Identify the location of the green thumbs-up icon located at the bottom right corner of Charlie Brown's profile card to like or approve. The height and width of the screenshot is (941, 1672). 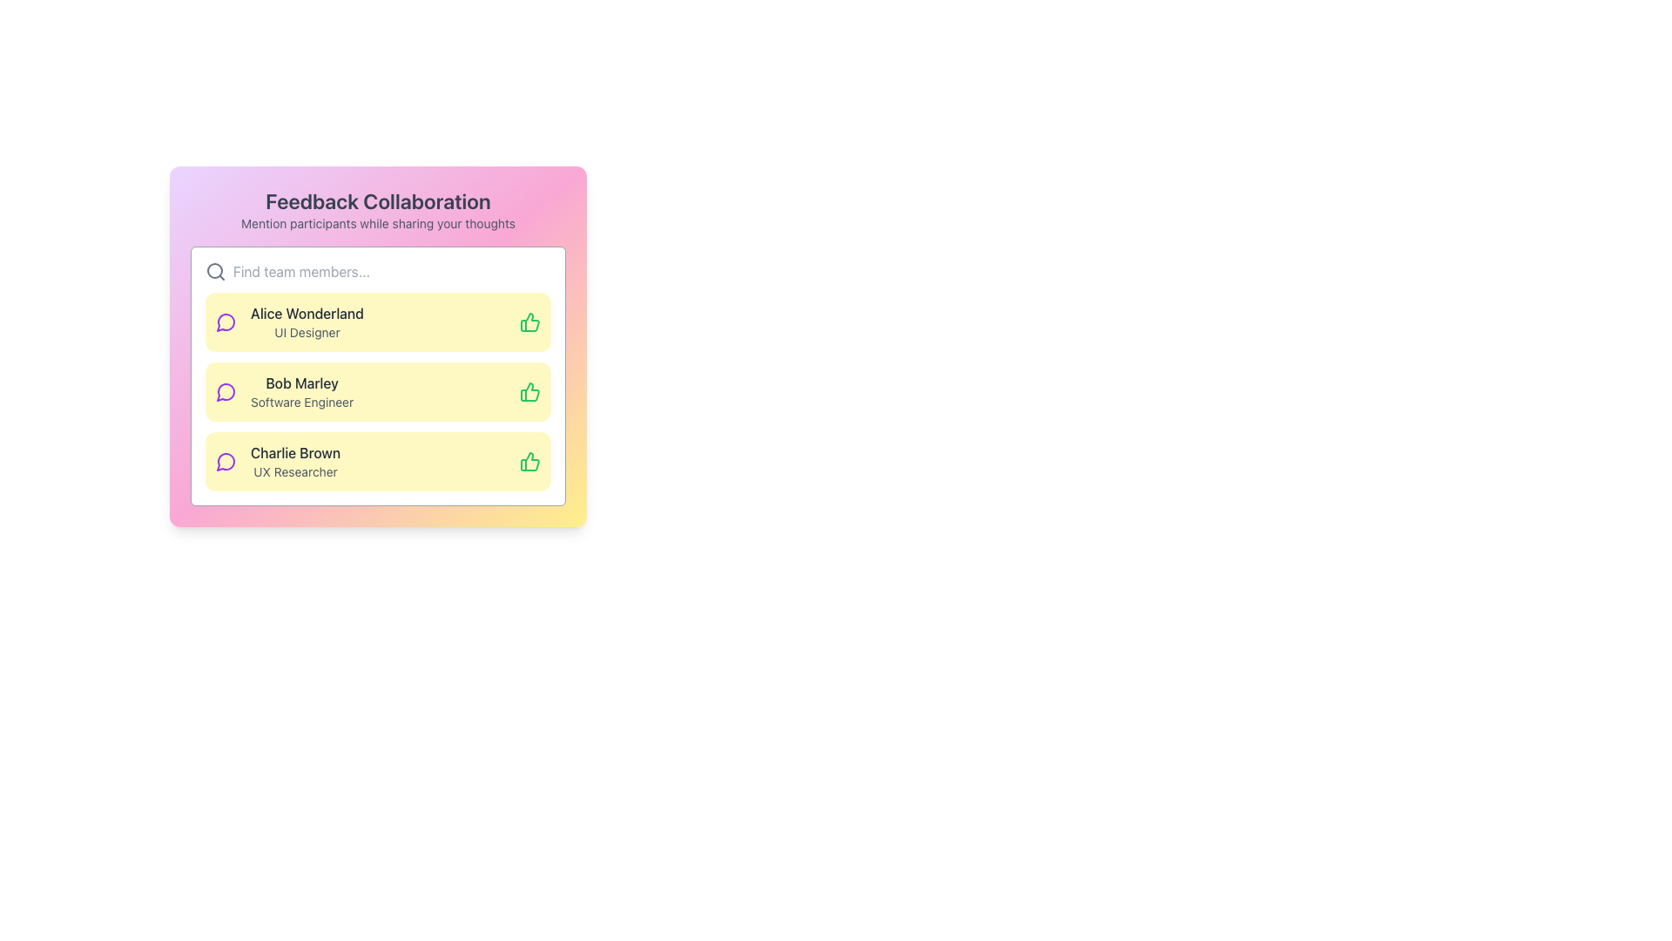
(529, 460).